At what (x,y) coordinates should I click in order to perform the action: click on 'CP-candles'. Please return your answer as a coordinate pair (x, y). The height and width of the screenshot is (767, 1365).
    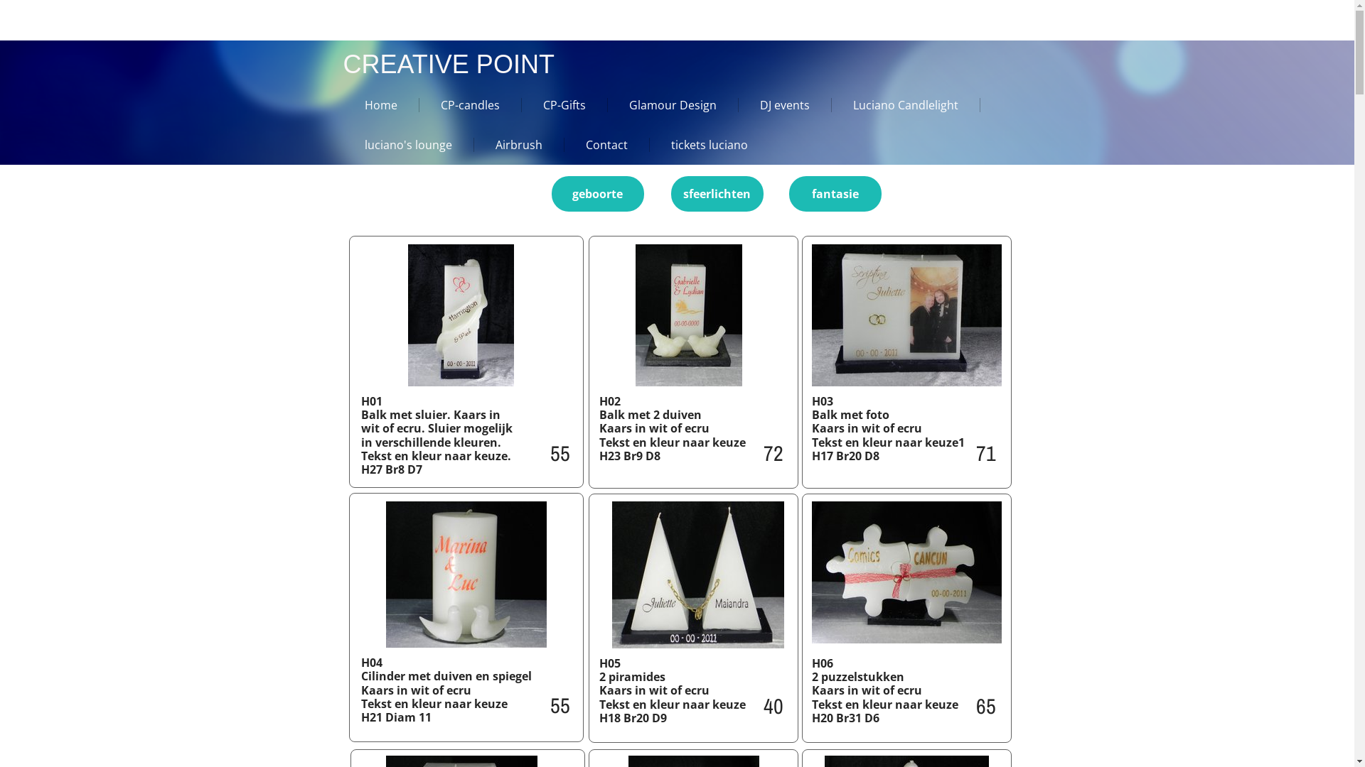
    Looking at the image, I should click on (461, 104).